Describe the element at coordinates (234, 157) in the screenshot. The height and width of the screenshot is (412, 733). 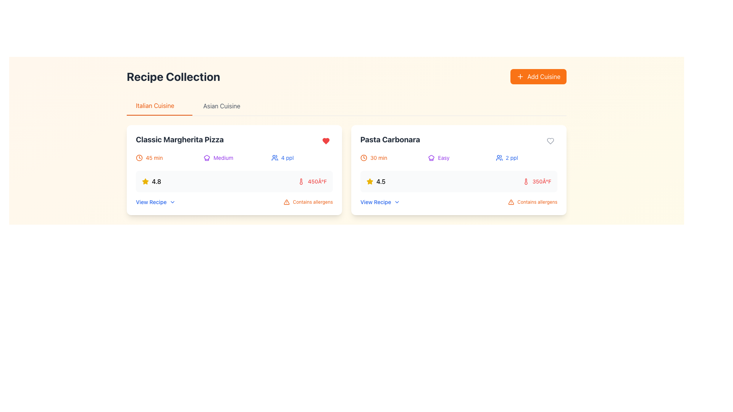
I see `information conveyed in the Informational group located within the 'Classic Margherita Pizza' card, just below the title` at that location.